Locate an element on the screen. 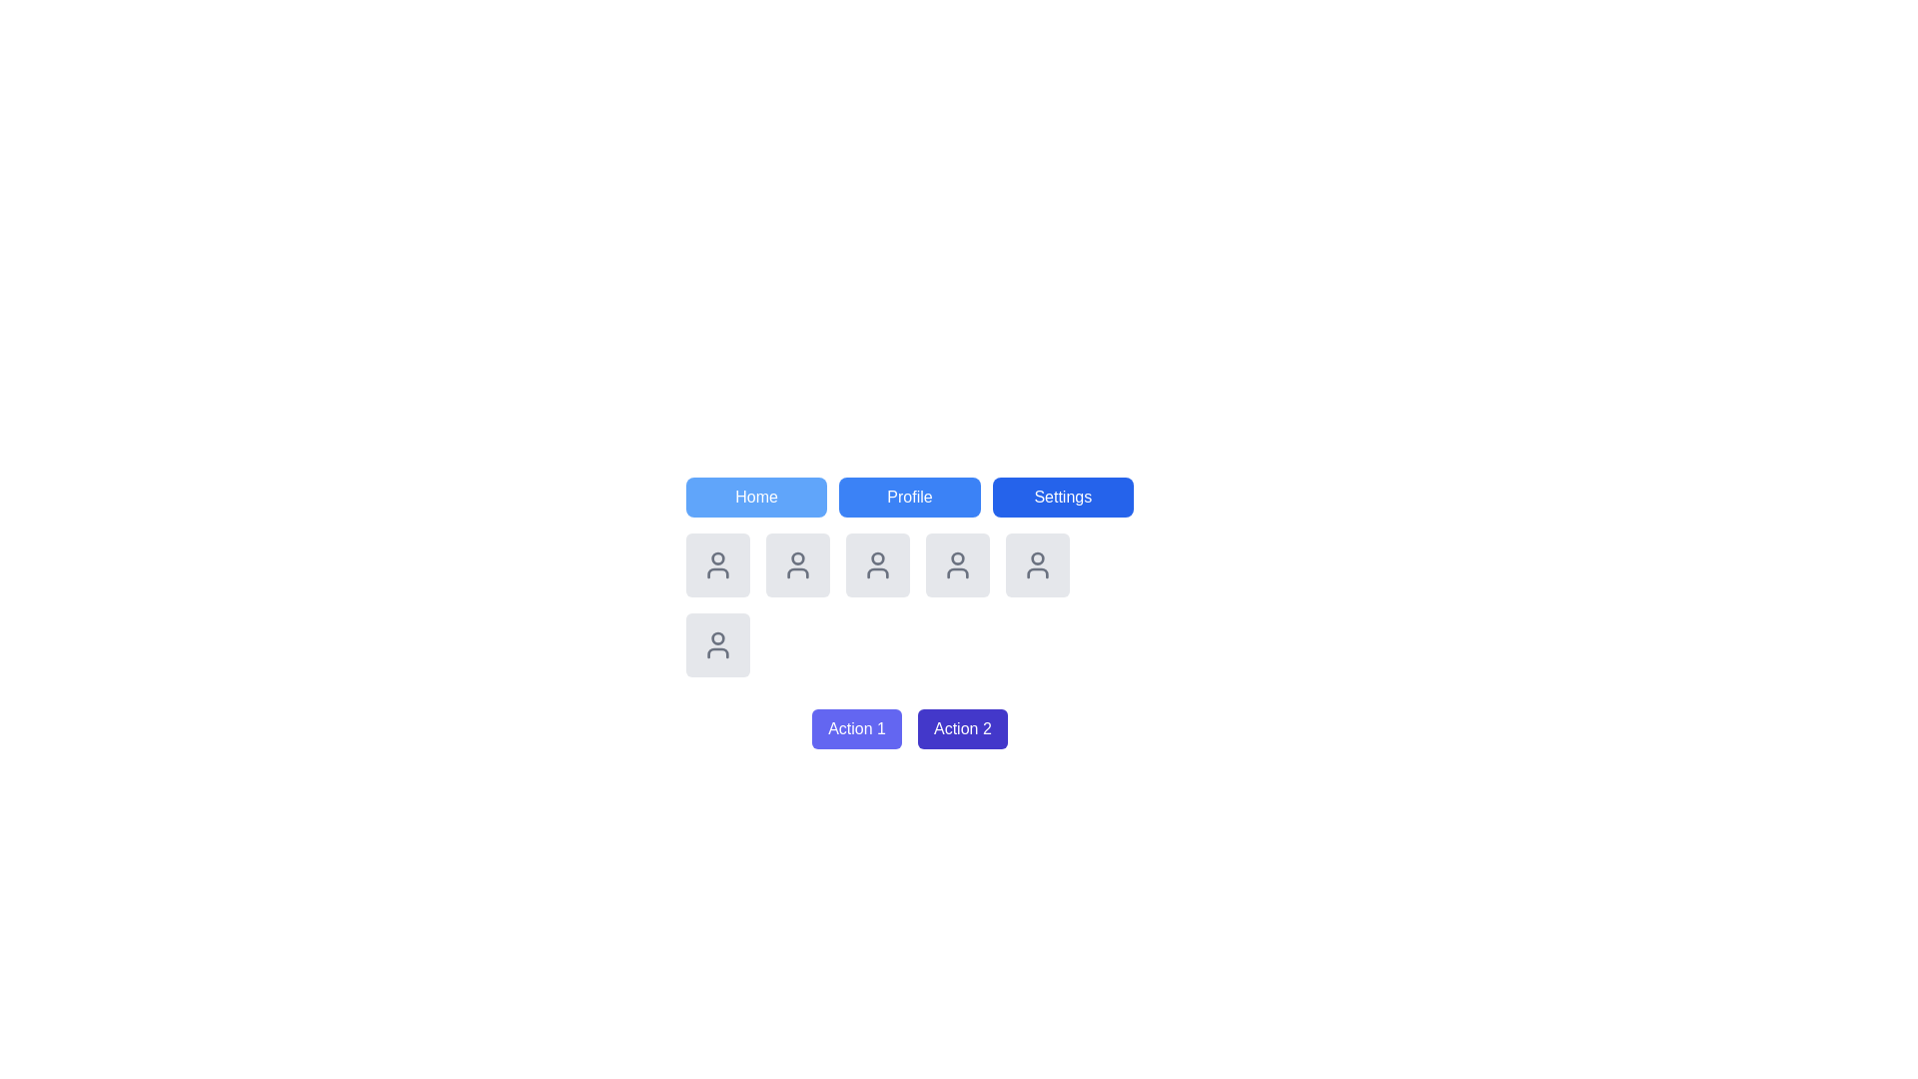 This screenshot has width=1918, height=1079. the settings button, which is the third button in a horizontal row of three buttons located at the upper part of the interface is located at coordinates (1062, 496).